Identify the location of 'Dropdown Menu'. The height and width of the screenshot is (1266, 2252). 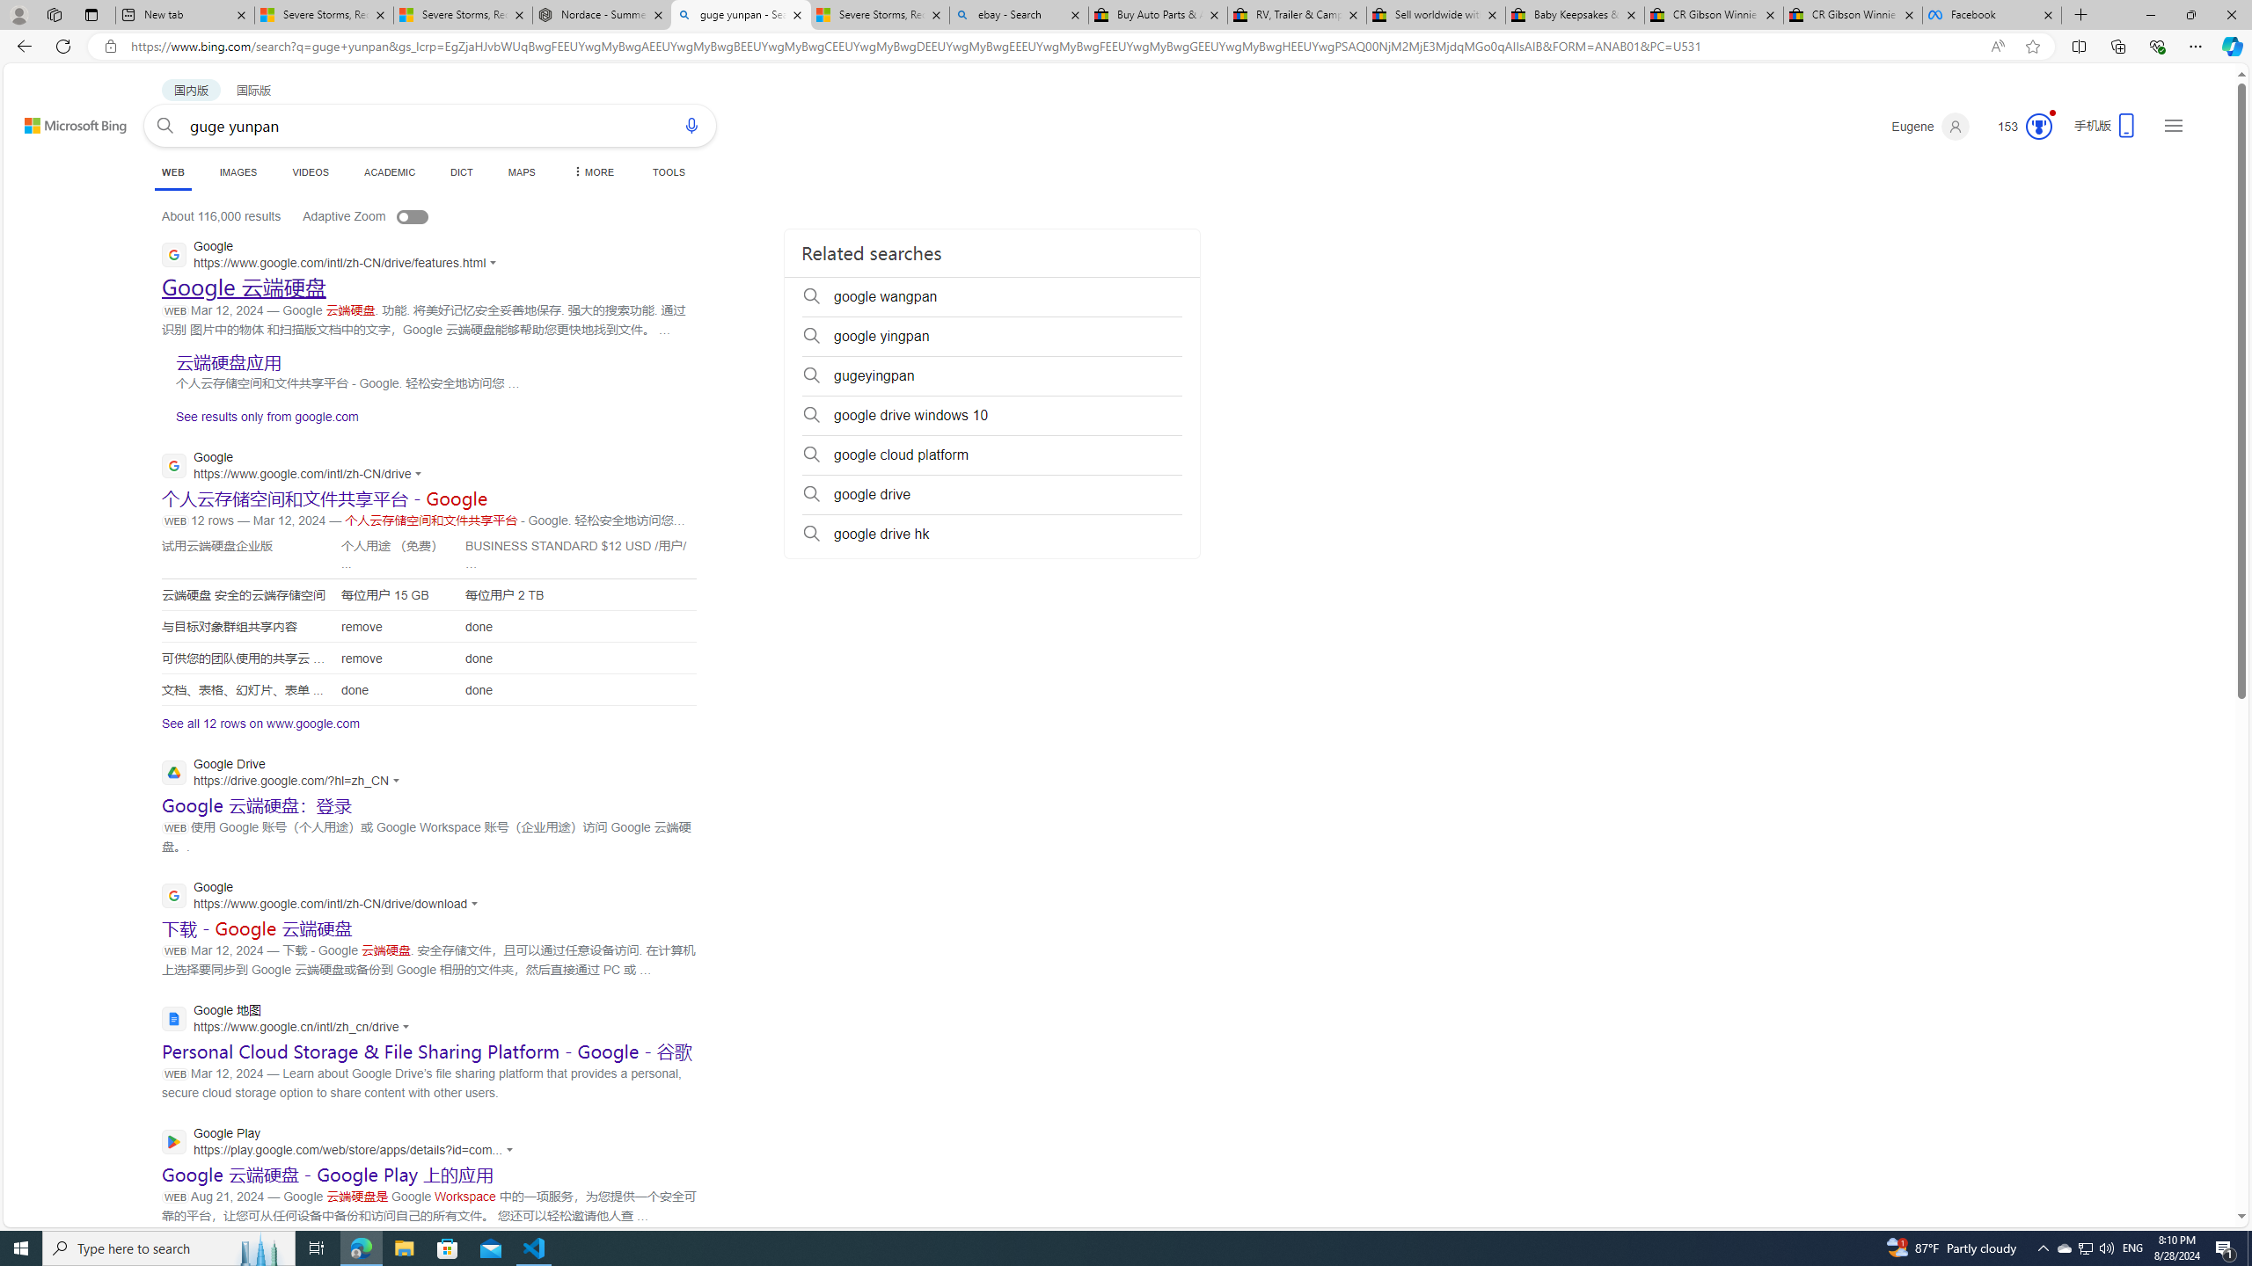
(591, 171).